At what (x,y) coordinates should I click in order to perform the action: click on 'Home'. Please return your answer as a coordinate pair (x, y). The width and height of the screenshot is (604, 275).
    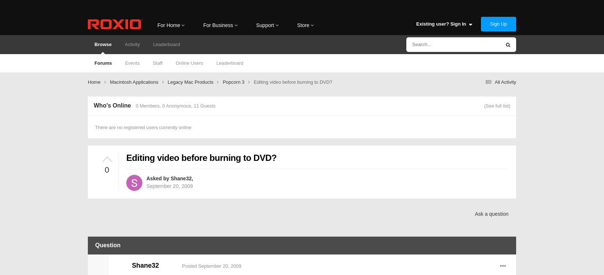
    Looking at the image, I should click on (95, 82).